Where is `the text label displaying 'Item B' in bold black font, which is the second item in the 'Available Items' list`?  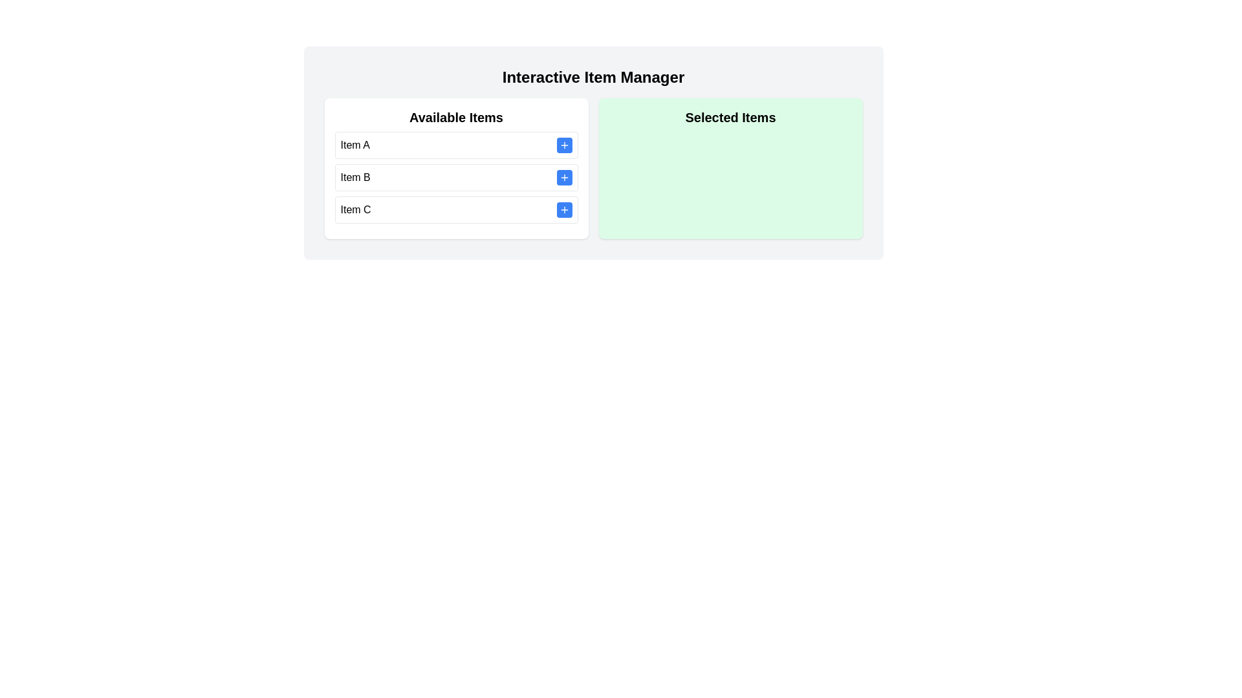 the text label displaying 'Item B' in bold black font, which is the second item in the 'Available Items' list is located at coordinates (355, 177).